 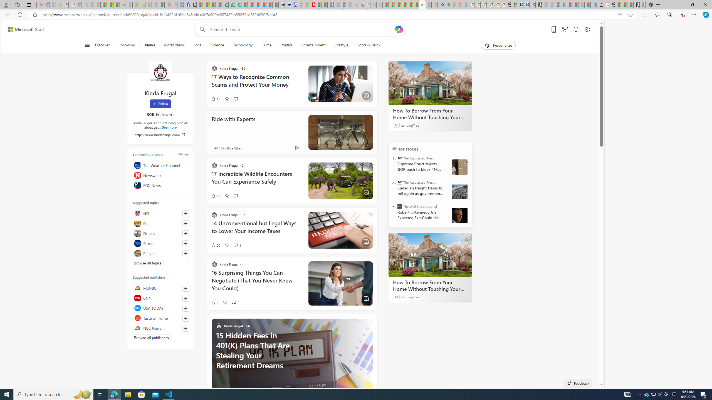 I want to click on 'Entertainment', so click(x=313, y=45).